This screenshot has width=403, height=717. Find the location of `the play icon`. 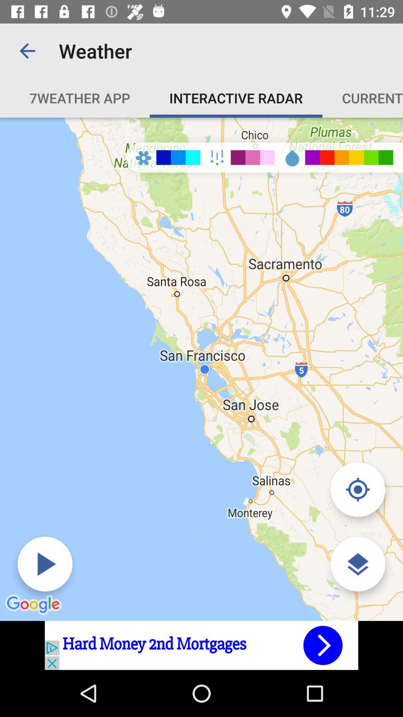

the play icon is located at coordinates (45, 564).